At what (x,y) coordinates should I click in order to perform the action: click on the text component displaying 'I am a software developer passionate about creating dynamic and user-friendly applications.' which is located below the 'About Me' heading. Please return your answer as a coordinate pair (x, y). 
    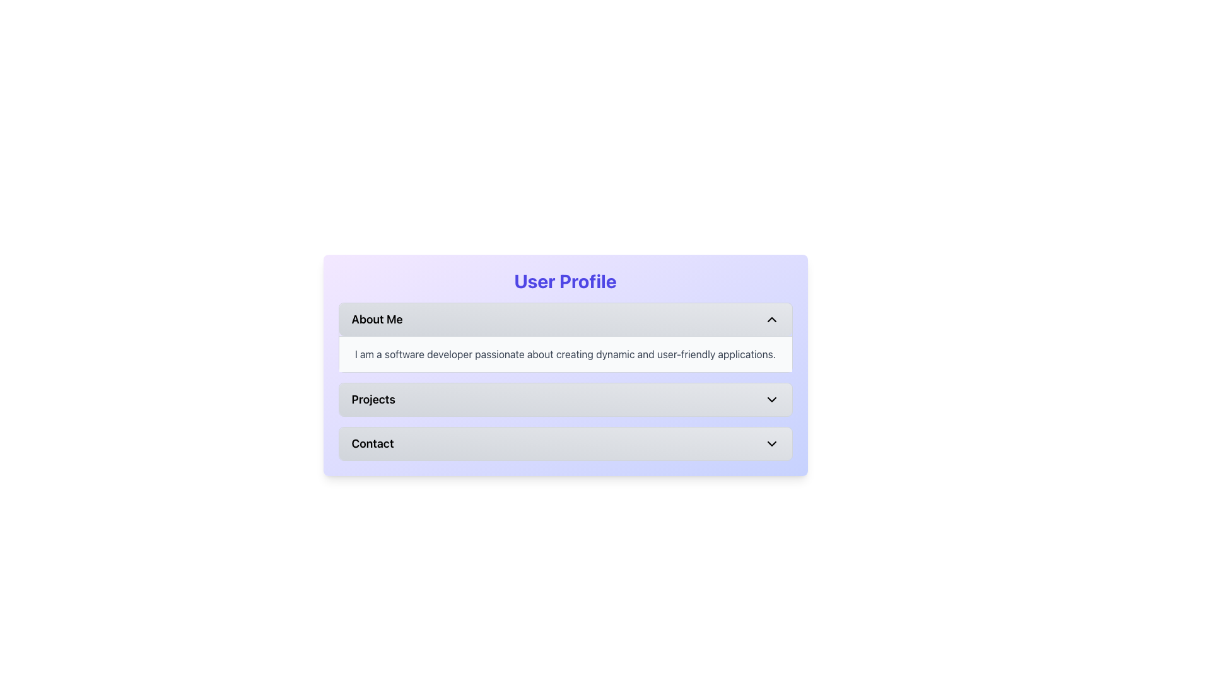
    Looking at the image, I should click on (565, 354).